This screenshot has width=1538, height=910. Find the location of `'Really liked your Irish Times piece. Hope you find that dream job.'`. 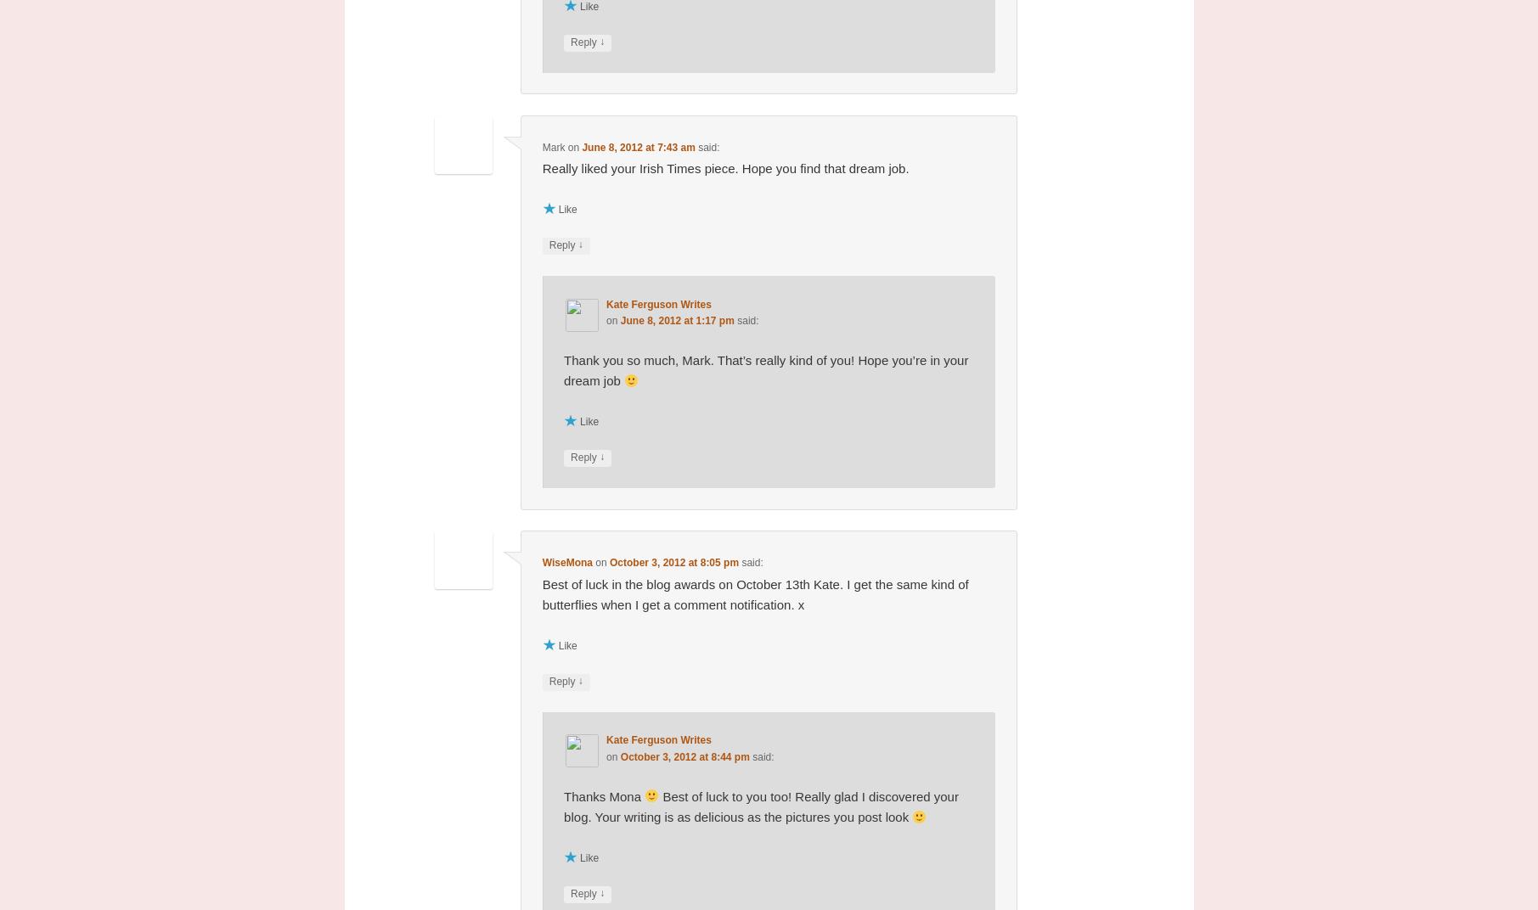

'Really liked your Irish Times piece. Hope you find that dream job.' is located at coordinates (725, 167).